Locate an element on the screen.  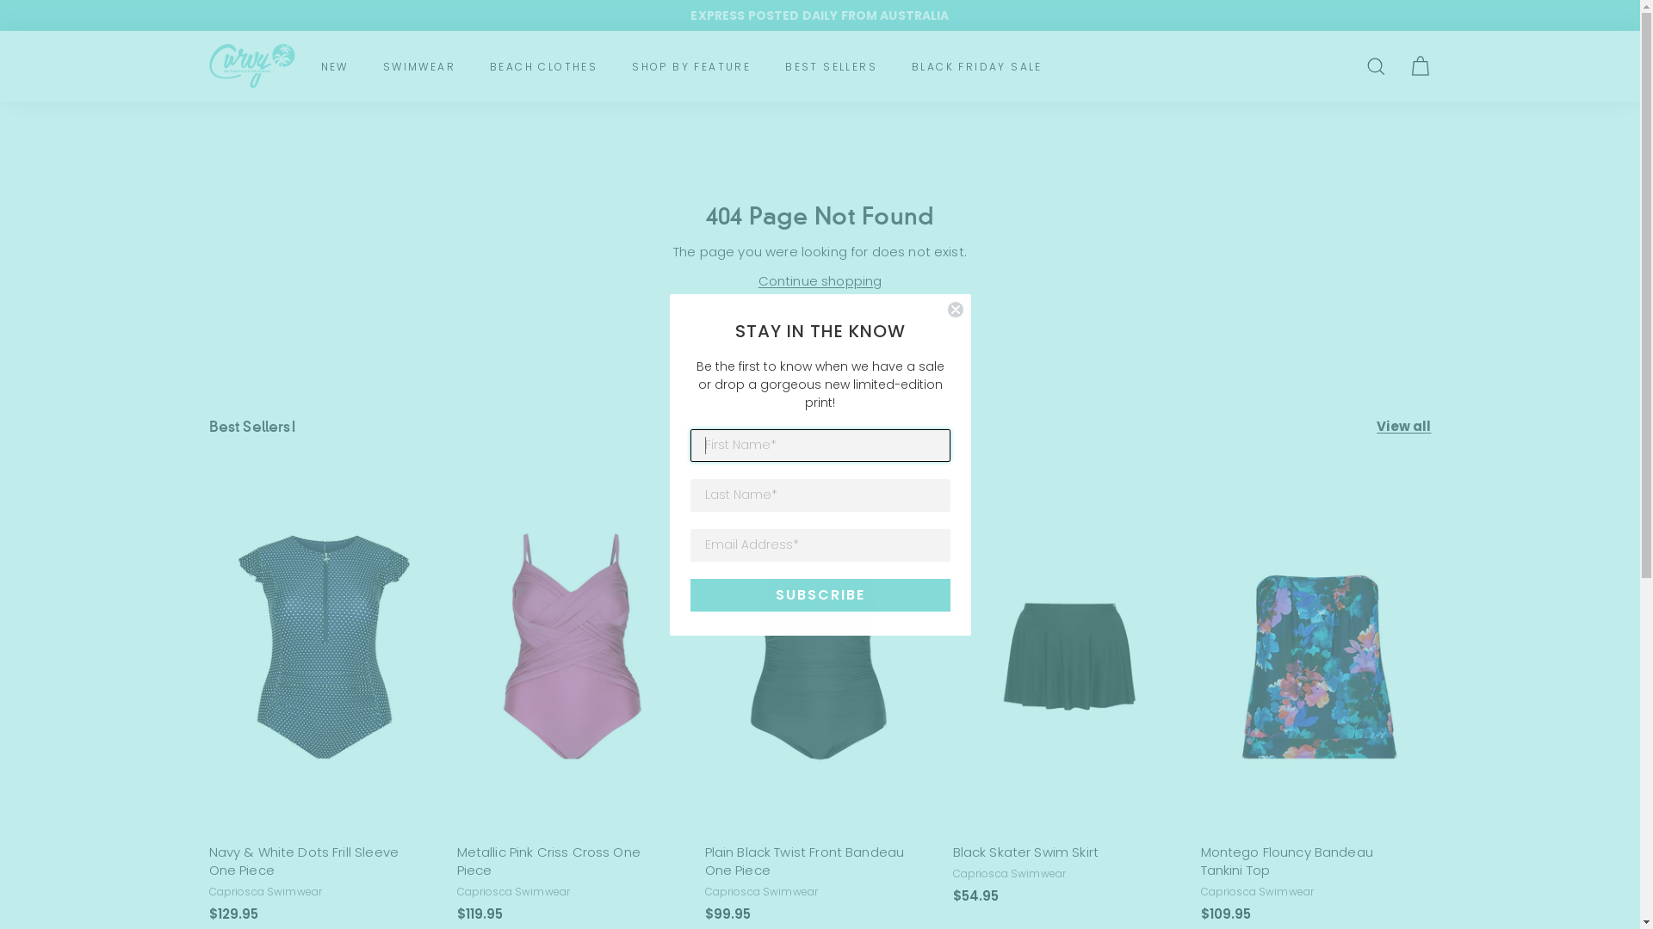
'BEST SELLERS' is located at coordinates (831, 65).